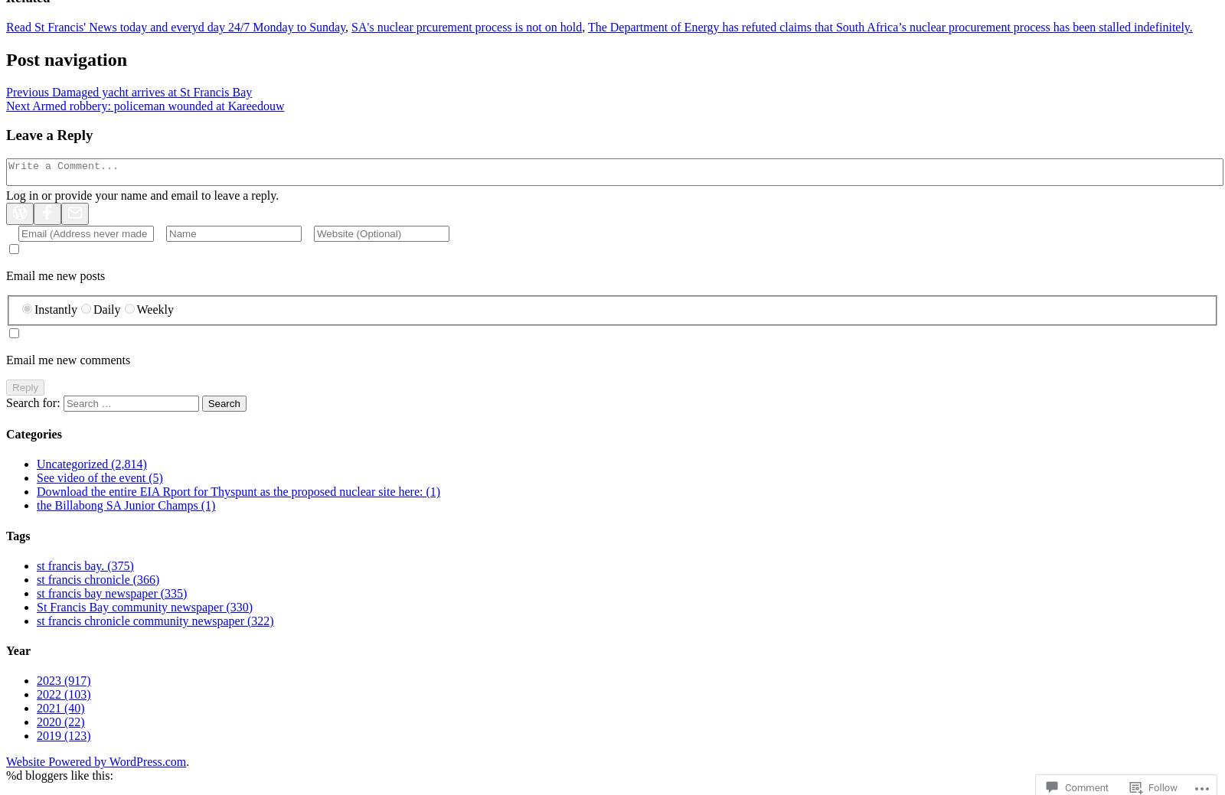 This screenshot has height=795, width=1225. What do you see at coordinates (5, 57) in the screenshot?
I see `'Post navigation'` at bounding box center [5, 57].